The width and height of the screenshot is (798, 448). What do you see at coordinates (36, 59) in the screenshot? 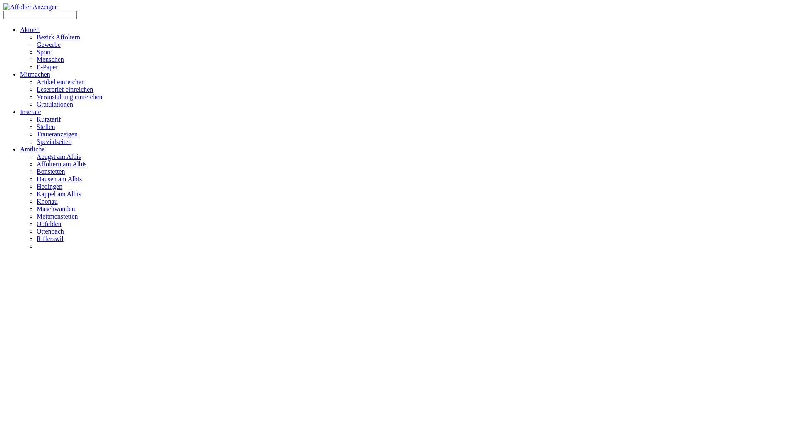
I see `'Menschen'` at bounding box center [36, 59].